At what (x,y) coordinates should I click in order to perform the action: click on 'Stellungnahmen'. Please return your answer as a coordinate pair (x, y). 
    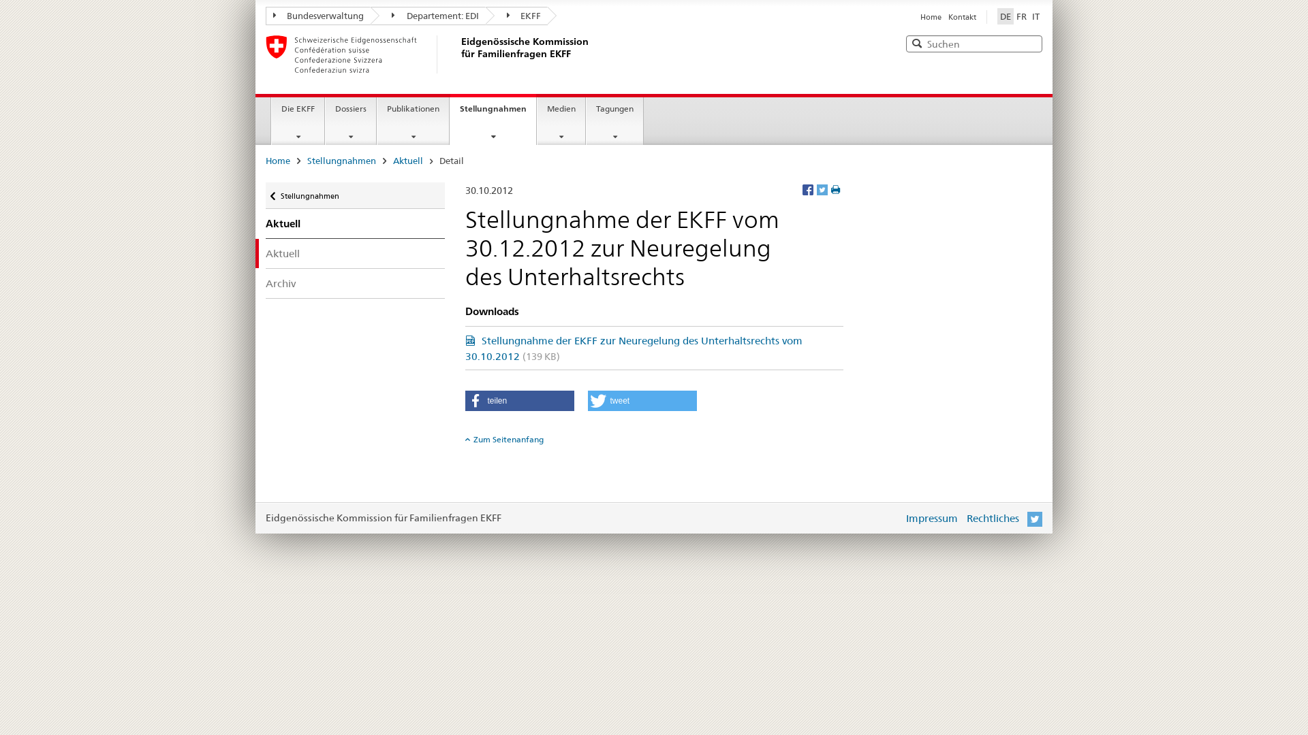
    Looking at the image, I should click on (341, 159).